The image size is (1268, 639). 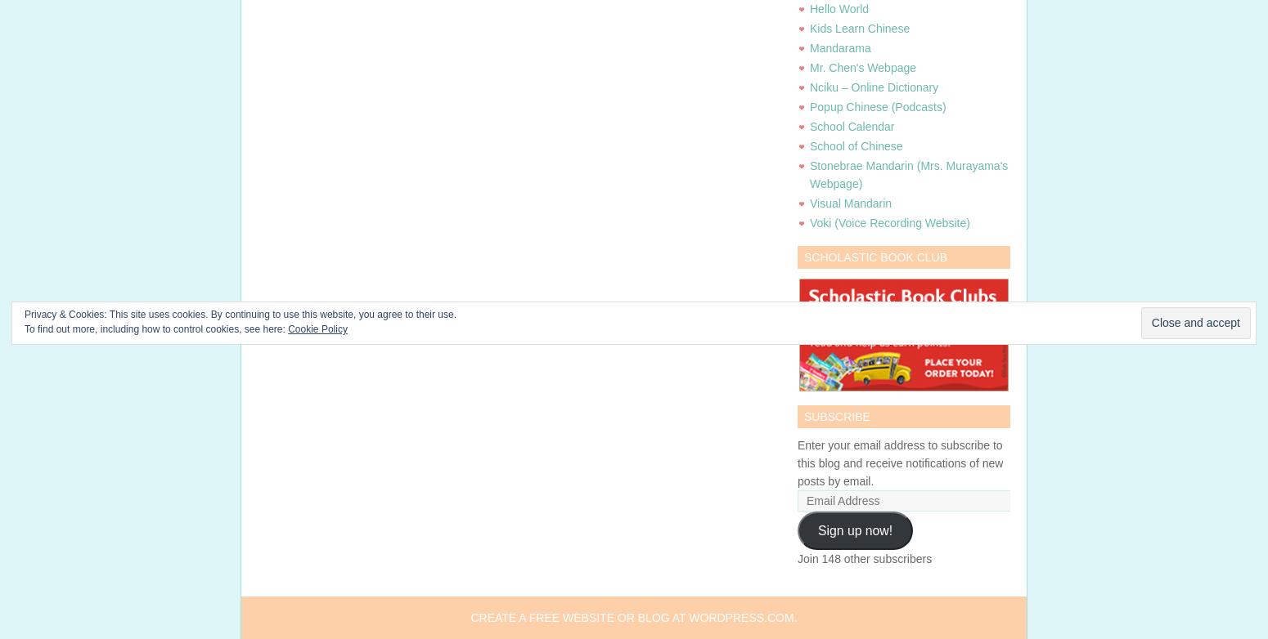 I want to click on 'Enter your email address to subscribe to this blog and receive notifications of new posts by email.', so click(x=899, y=463).